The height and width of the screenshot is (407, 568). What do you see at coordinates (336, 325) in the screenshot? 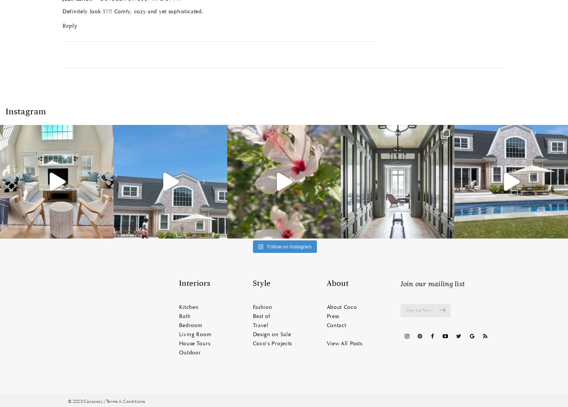
I see `'Contact'` at bounding box center [336, 325].